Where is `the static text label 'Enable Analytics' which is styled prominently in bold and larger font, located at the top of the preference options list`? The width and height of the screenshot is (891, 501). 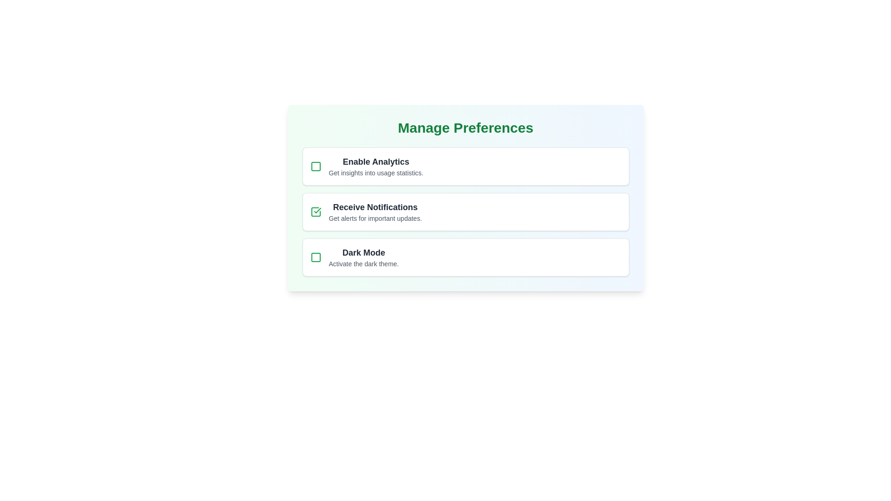 the static text label 'Enable Analytics' which is styled prominently in bold and larger font, located at the top of the preference options list is located at coordinates (376, 161).